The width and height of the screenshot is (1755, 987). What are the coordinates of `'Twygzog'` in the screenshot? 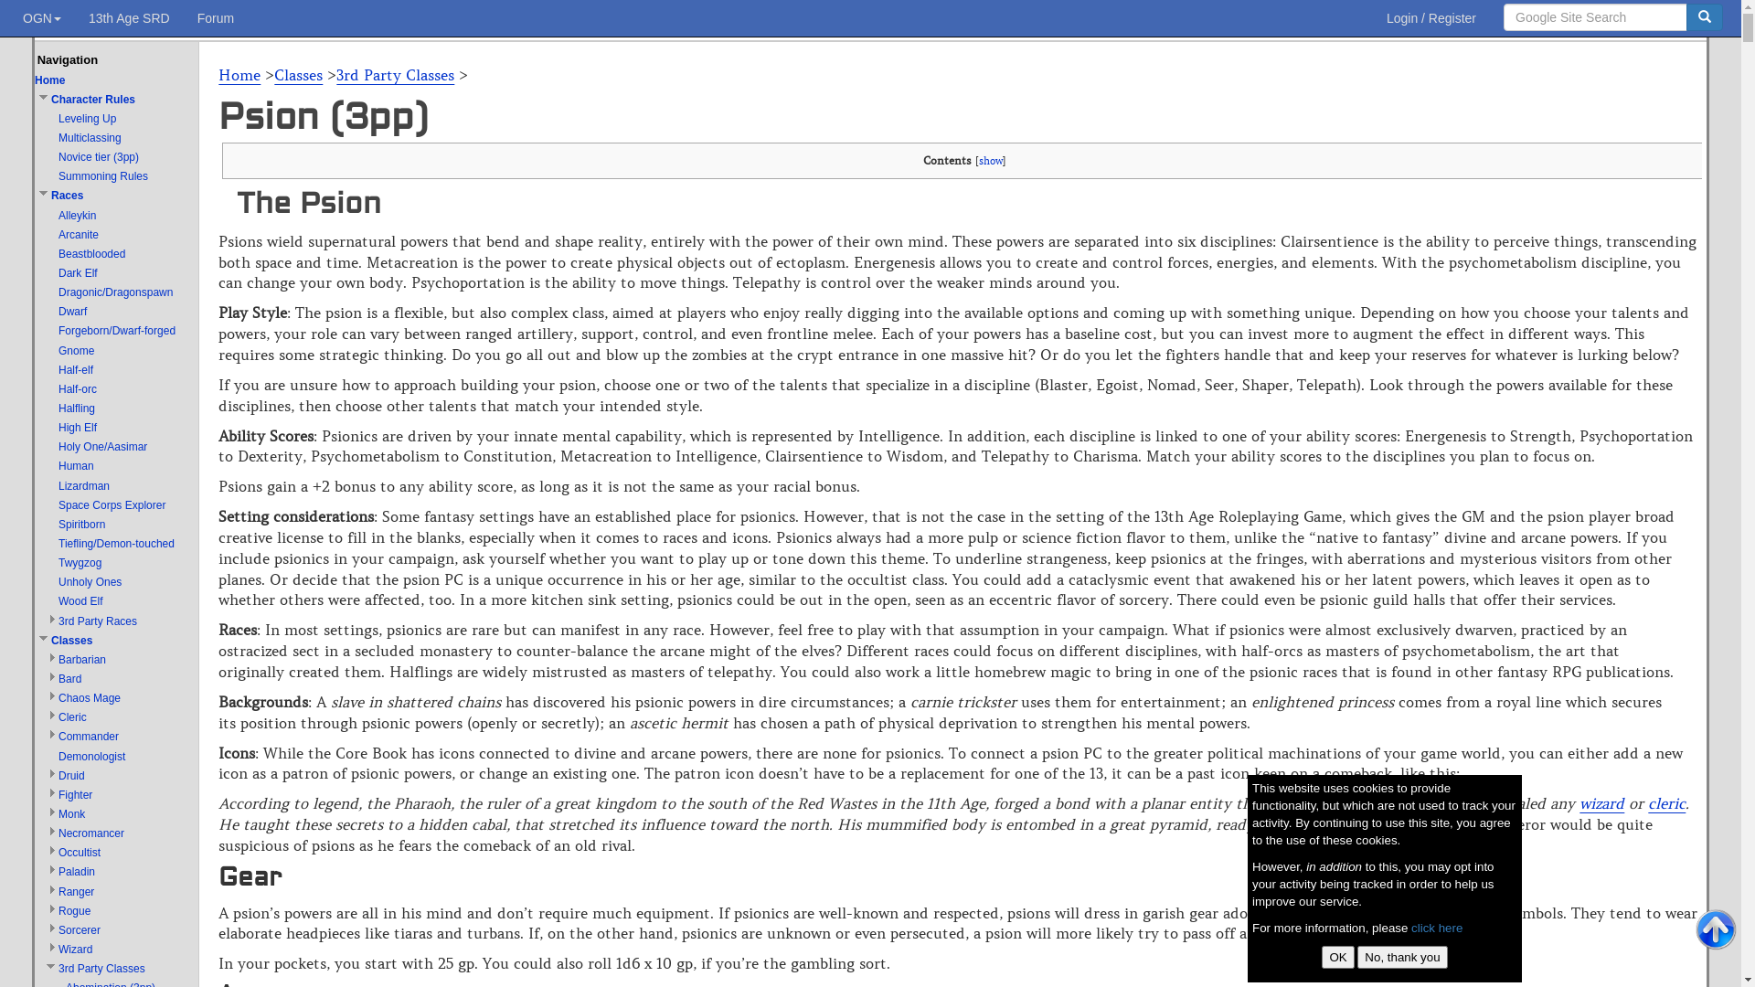 It's located at (79, 562).